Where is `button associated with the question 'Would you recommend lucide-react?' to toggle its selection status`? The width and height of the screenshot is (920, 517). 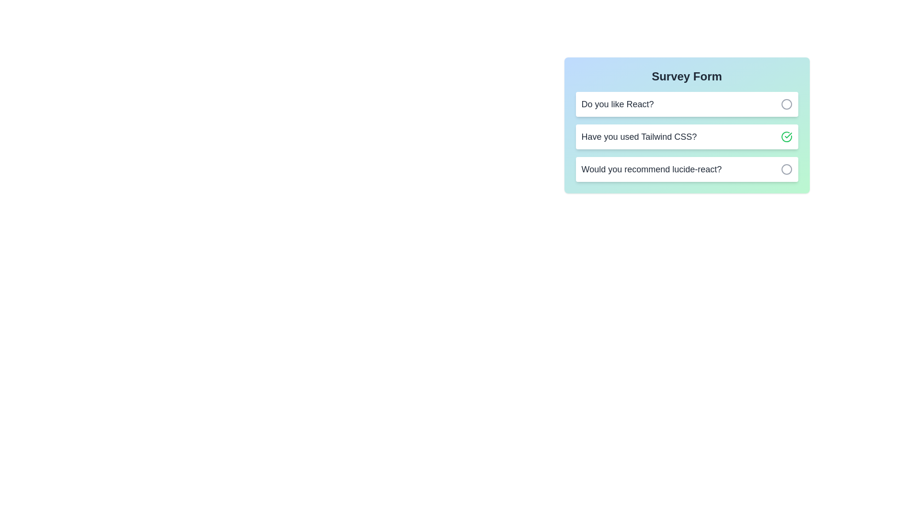 button associated with the question 'Would you recommend lucide-react?' to toggle its selection status is located at coordinates (786, 169).